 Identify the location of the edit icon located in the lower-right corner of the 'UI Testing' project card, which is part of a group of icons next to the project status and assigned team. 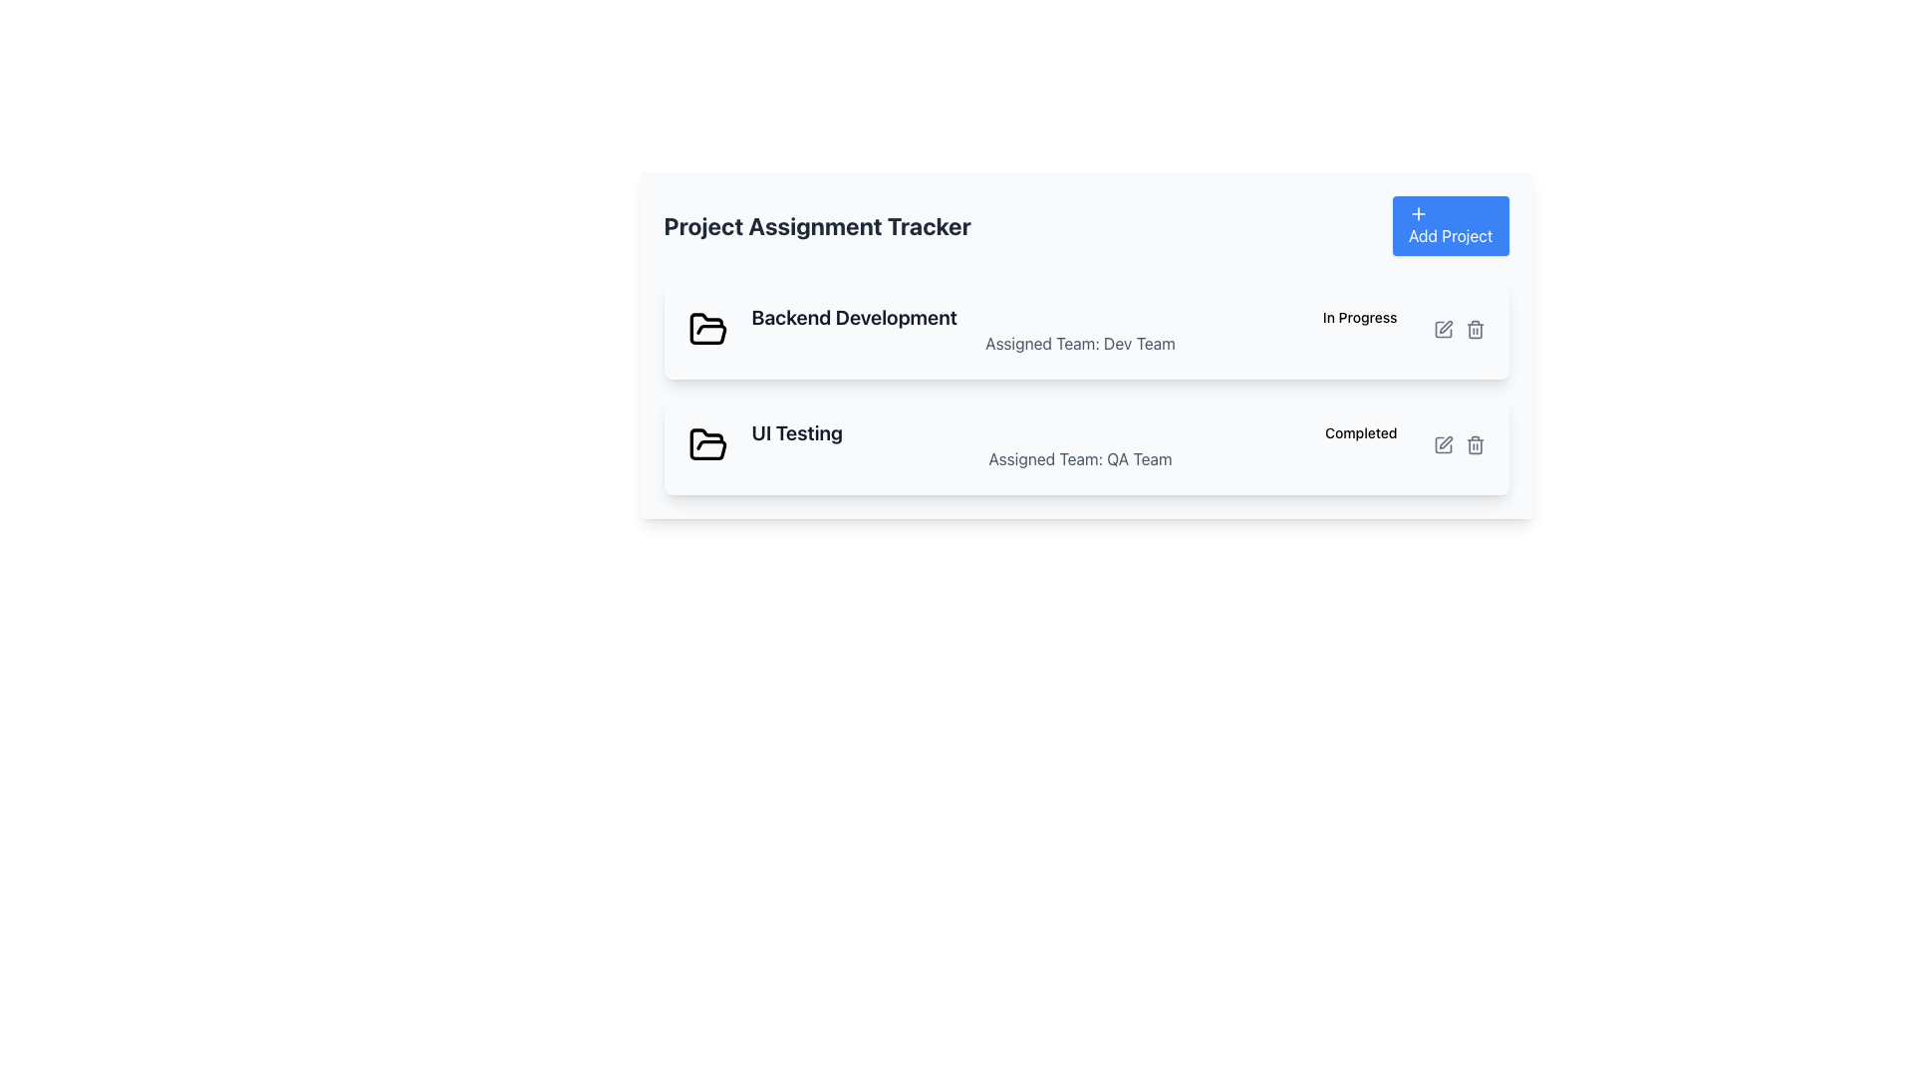
(1445, 441).